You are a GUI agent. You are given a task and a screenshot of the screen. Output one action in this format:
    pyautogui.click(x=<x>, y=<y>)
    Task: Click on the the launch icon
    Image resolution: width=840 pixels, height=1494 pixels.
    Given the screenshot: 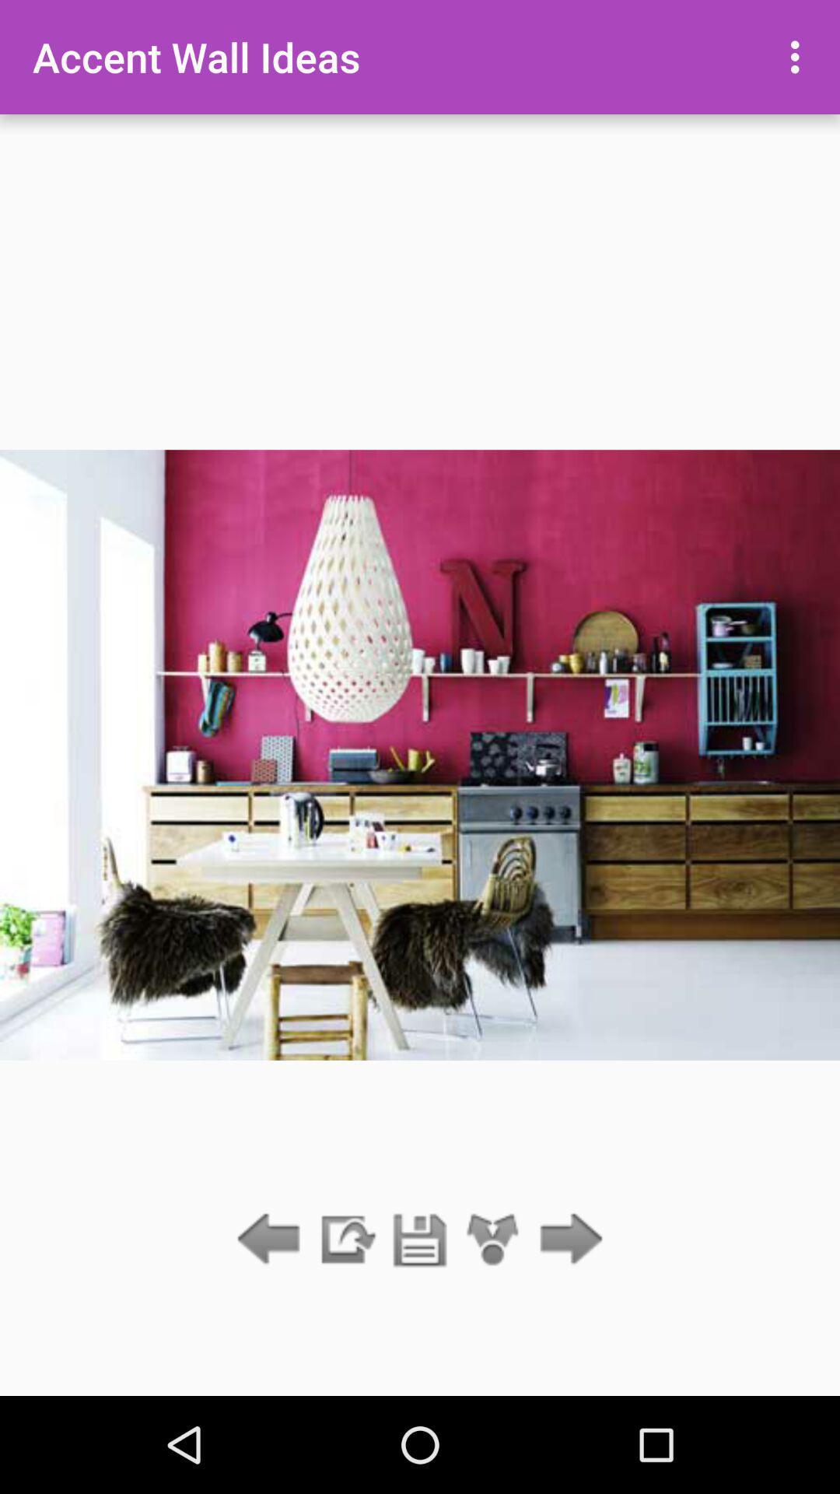 What is the action you would take?
    pyautogui.click(x=345, y=1240)
    